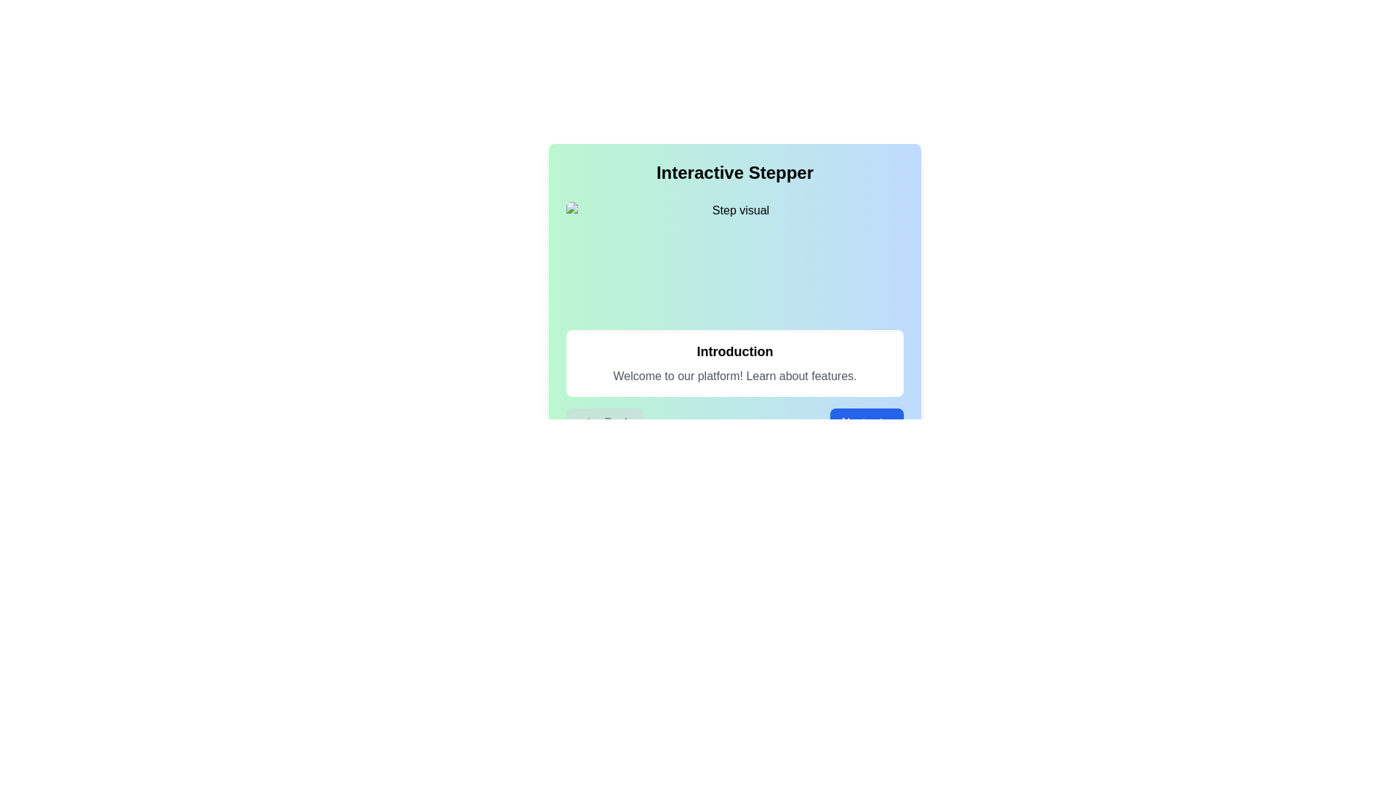 The width and height of the screenshot is (1396, 785). I want to click on the 'Introduction' title to interact with it, so click(735, 351).